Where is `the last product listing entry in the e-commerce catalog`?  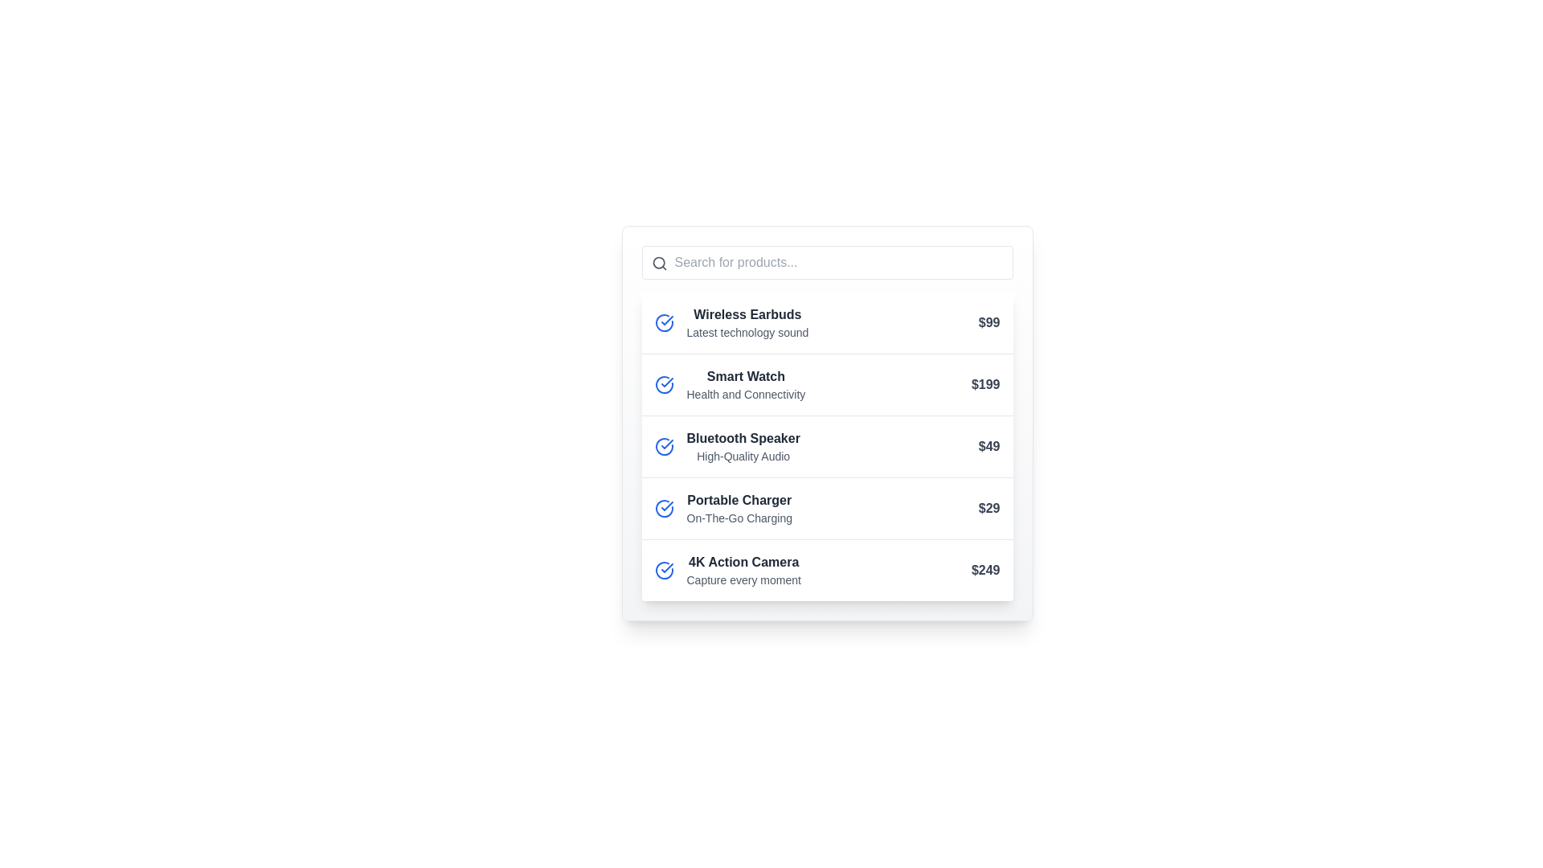 the last product listing entry in the e-commerce catalog is located at coordinates (827, 569).